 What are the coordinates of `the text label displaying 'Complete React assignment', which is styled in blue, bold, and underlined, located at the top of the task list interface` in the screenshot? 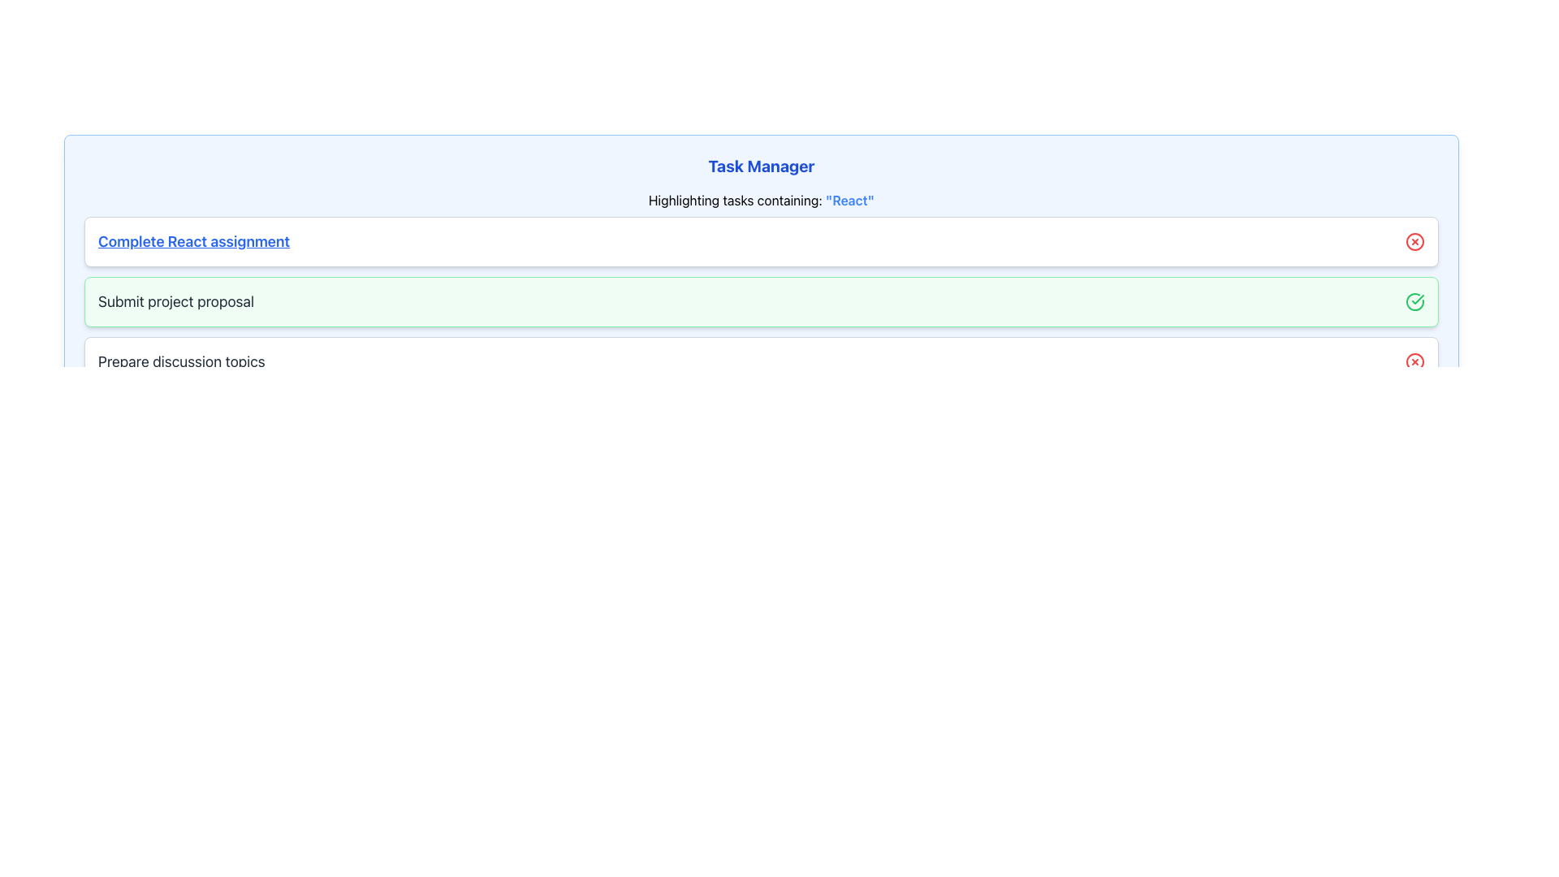 It's located at (194, 241).